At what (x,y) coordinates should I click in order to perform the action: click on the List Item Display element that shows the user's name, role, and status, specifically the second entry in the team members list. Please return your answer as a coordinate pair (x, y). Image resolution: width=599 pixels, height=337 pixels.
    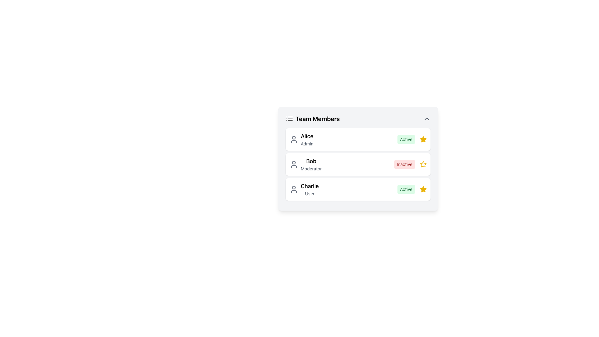
    Looking at the image, I should click on (358, 164).